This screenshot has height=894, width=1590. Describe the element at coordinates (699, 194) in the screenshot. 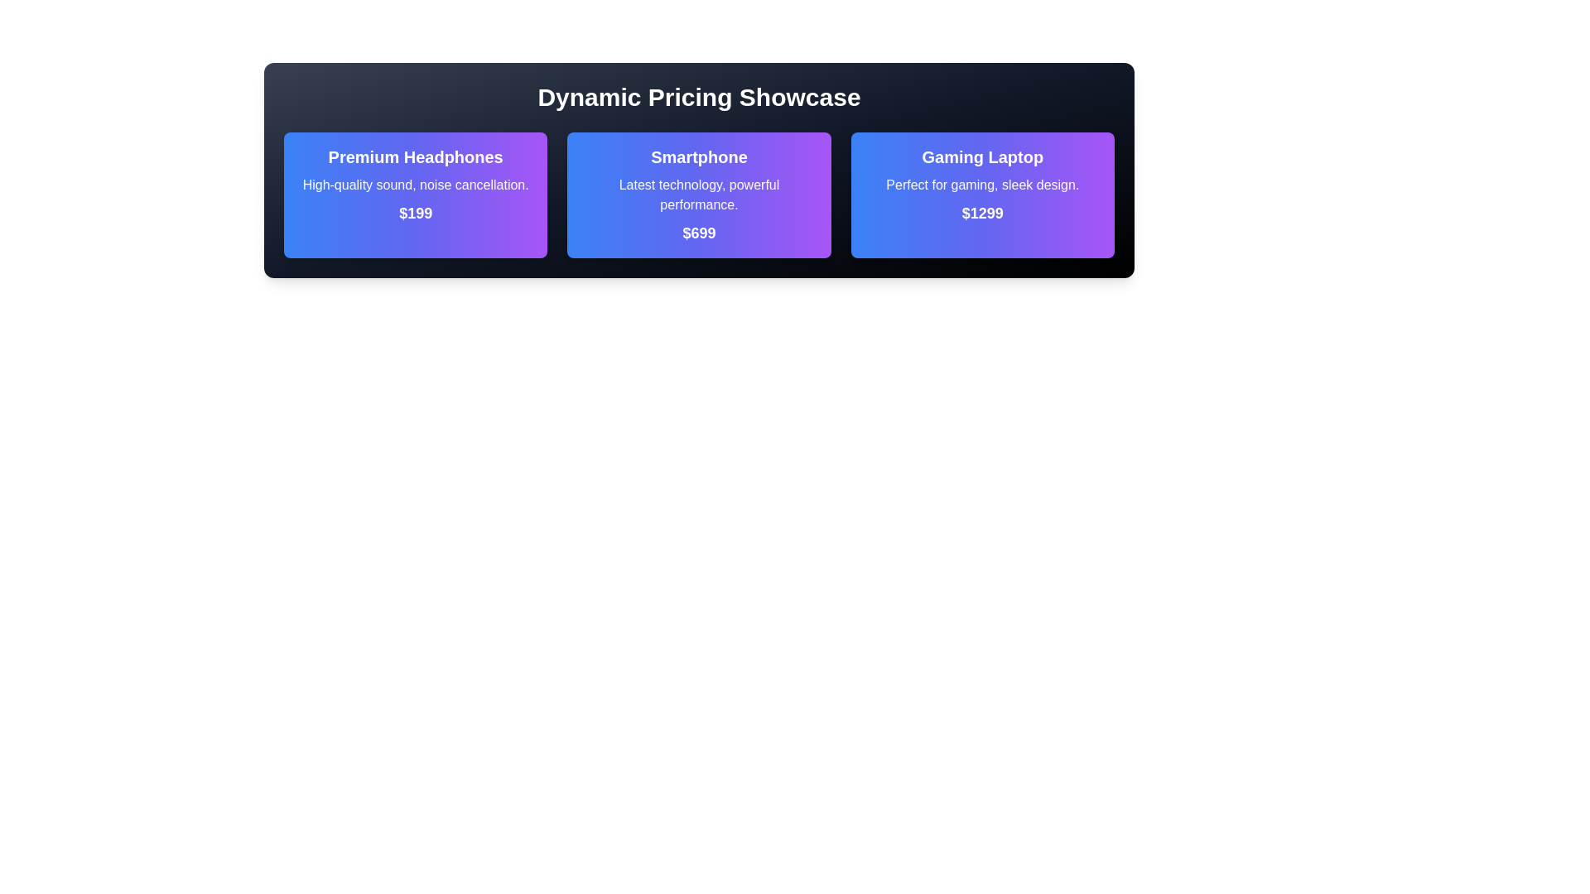

I see `the text area that displays 'Latest technology, powerful performance.' which is center-aligned in white color on a gradient background, located under the 'Smartphone' header and above the '$699' price` at that location.